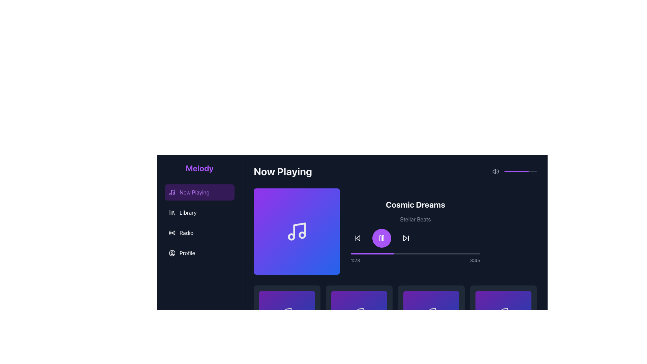  Describe the element at coordinates (357, 238) in the screenshot. I see `the 'skip back' button located in the center-right region of the interface, which is the first button in a horizontal row of media control elements` at that location.